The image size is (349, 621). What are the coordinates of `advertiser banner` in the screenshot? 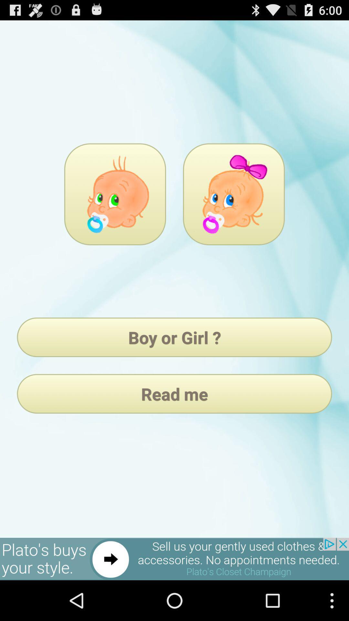 It's located at (174, 559).